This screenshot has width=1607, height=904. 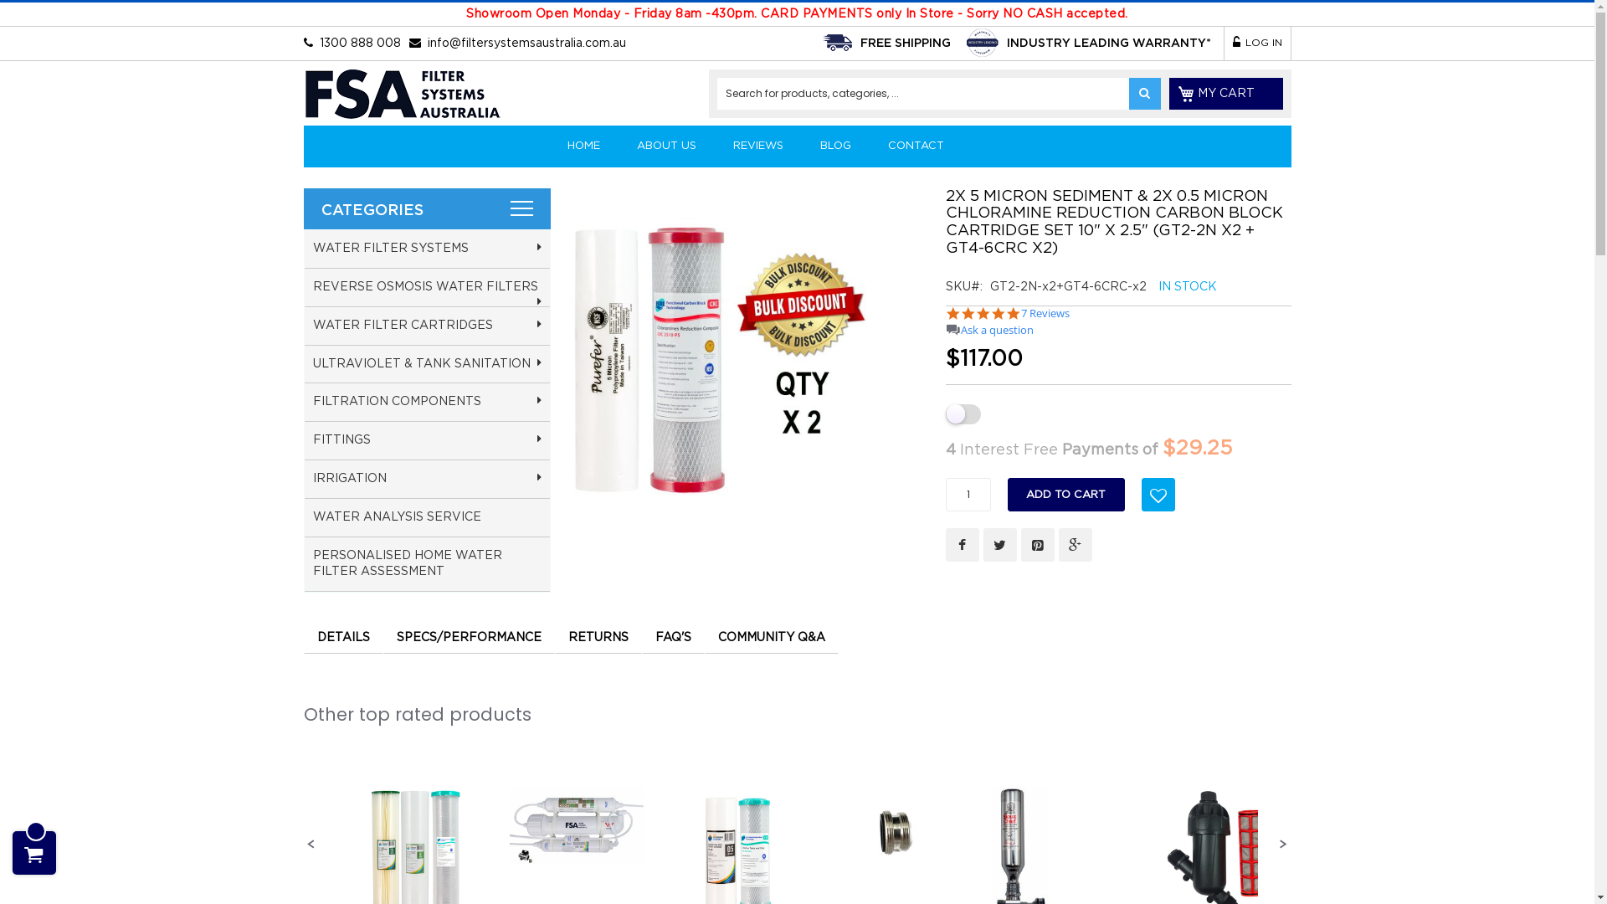 I want to click on 'ULTRAVIOLET & TANK SANITATION', so click(x=427, y=363).